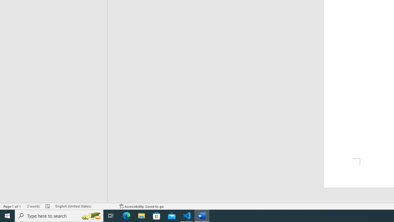 Image resolution: width=394 pixels, height=222 pixels. I want to click on 'Language English (United States)', so click(84, 206).